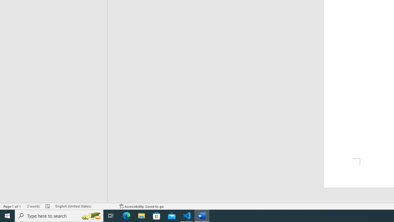 Image resolution: width=394 pixels, height=222 pixels. I want to click on 'Language English (United States)', so click(84, 206).